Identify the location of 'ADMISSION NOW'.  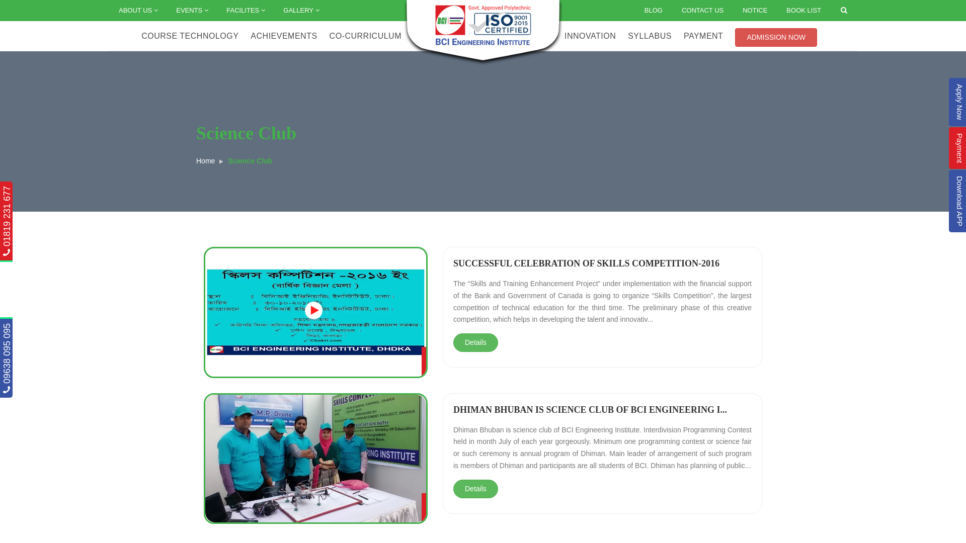
(775, 36).